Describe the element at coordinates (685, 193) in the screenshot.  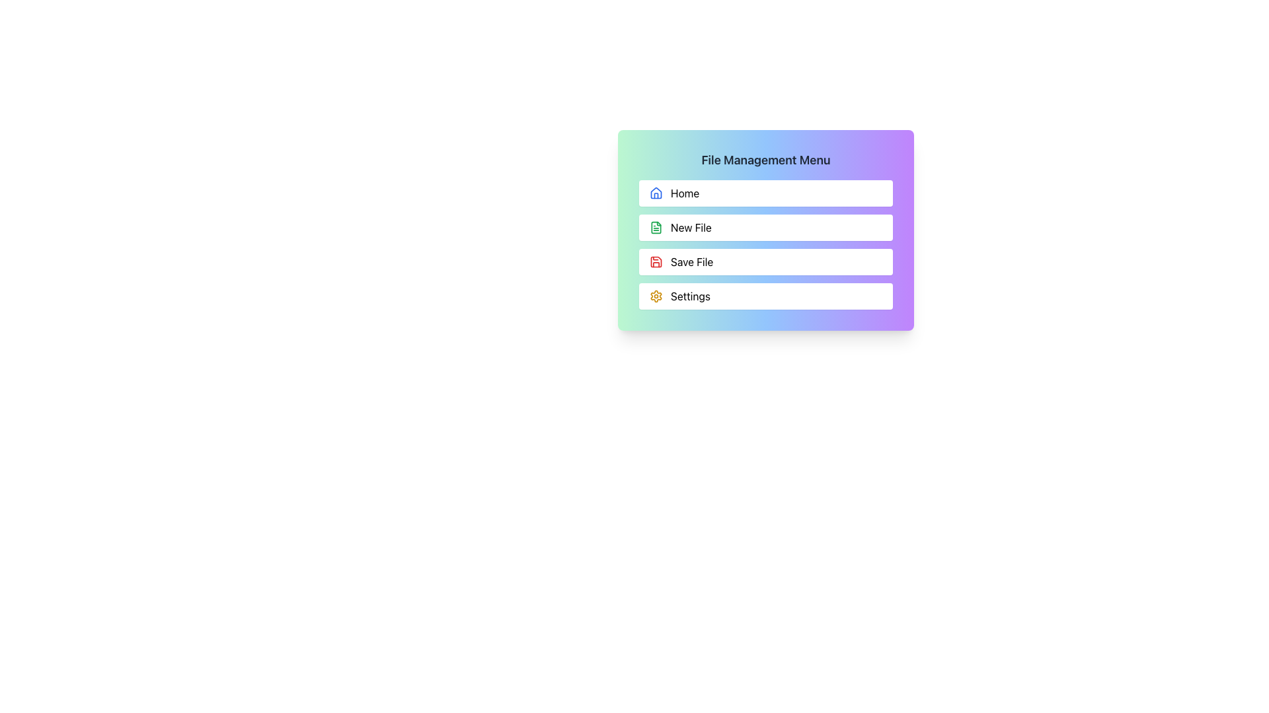
I see `the 'Home' navigation label, which is styled with a white background and rounded corners, located to the right of the house-shaped icon in the horizontal menu` at that location.